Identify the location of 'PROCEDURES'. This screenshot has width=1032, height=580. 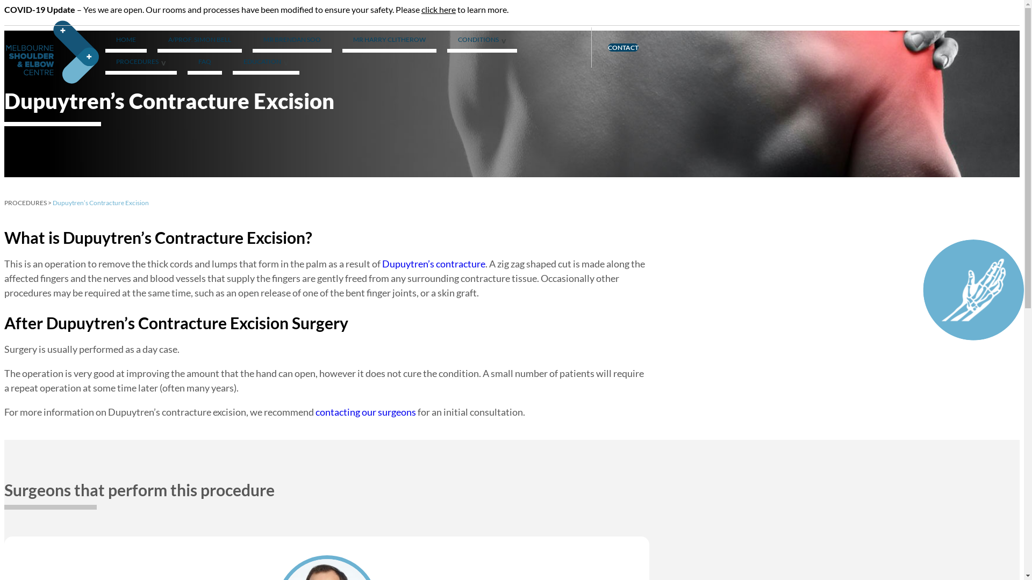
(25, 202).